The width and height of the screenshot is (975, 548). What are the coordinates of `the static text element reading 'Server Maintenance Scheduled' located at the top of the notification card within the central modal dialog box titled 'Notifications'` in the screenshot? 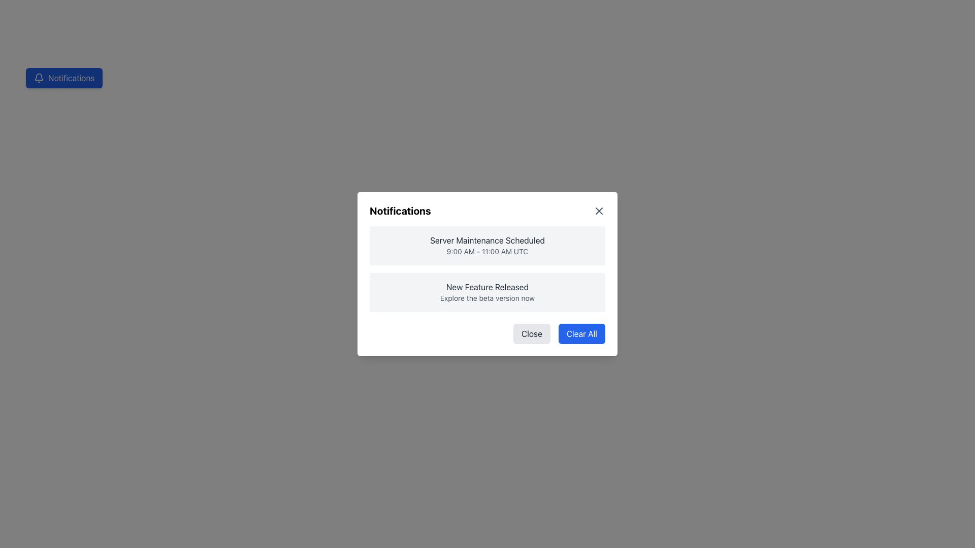 It's located at (487, 241).